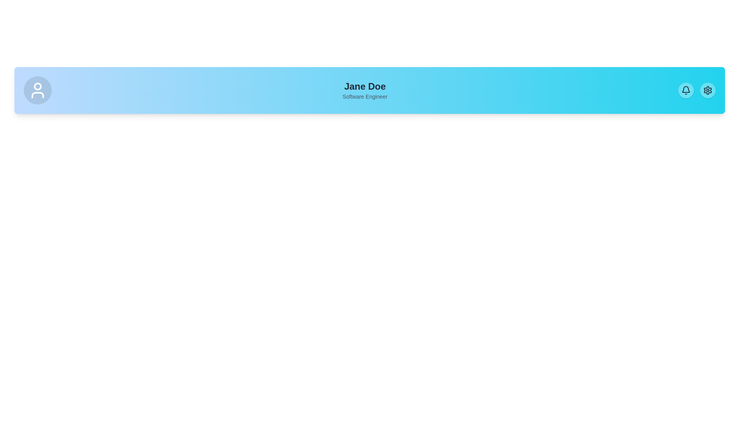 Image resolution: width=748 pixels, height=421 pixels. Describe the element at coordinates (37, 90) in the screenshot. I see `the circular Avatar Component with a light grey background and a user figure icon, positioned near the top left of the gradient banner` at that location.